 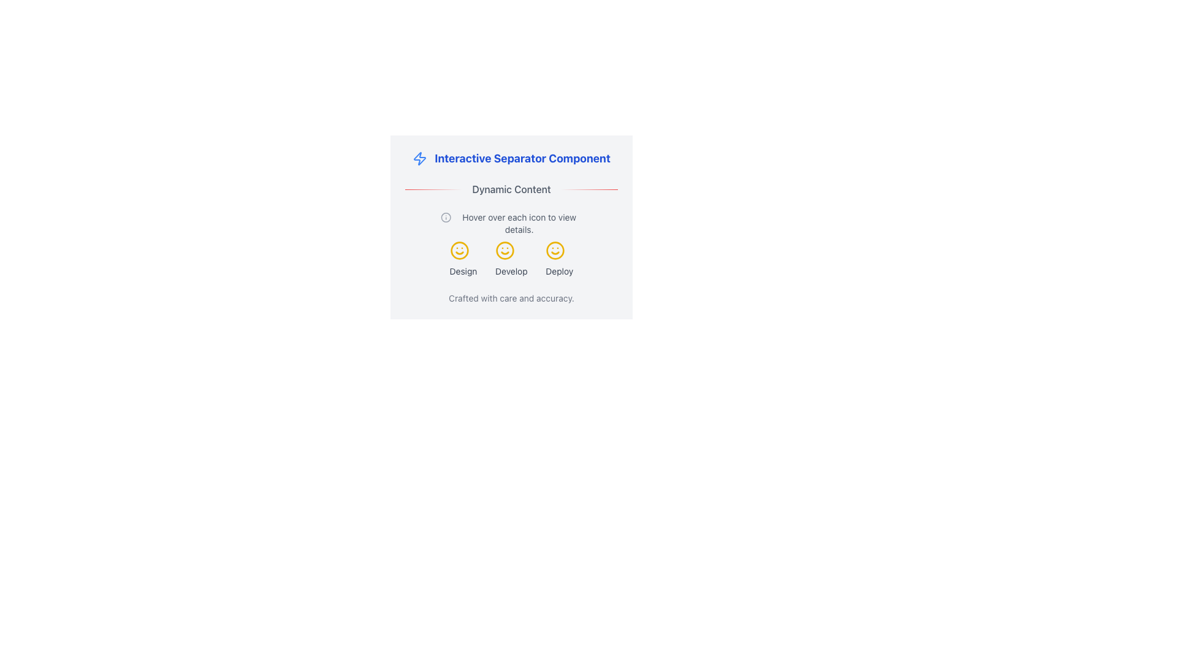 I want to click on the thin horizontal separator line with a gradient color transitioning from red to transparent, located to the left of the text 'Dynamic Content', so click(x=433, y=189).